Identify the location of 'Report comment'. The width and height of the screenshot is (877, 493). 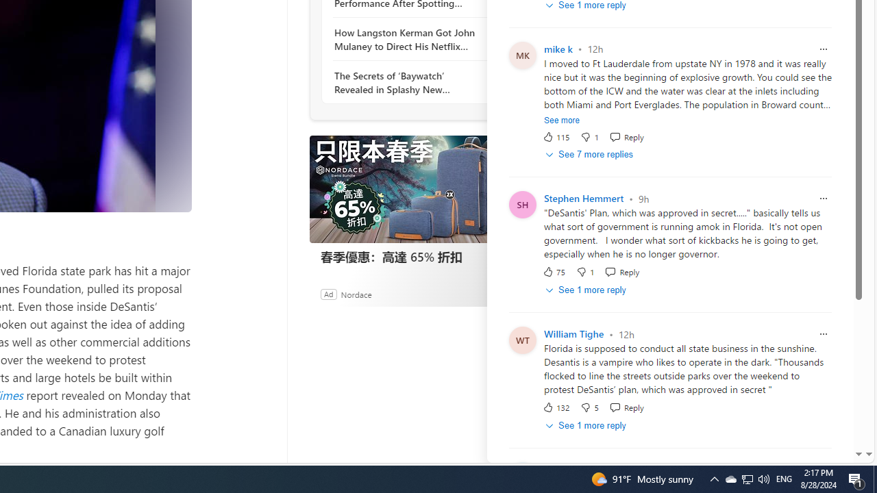
(822, 468).